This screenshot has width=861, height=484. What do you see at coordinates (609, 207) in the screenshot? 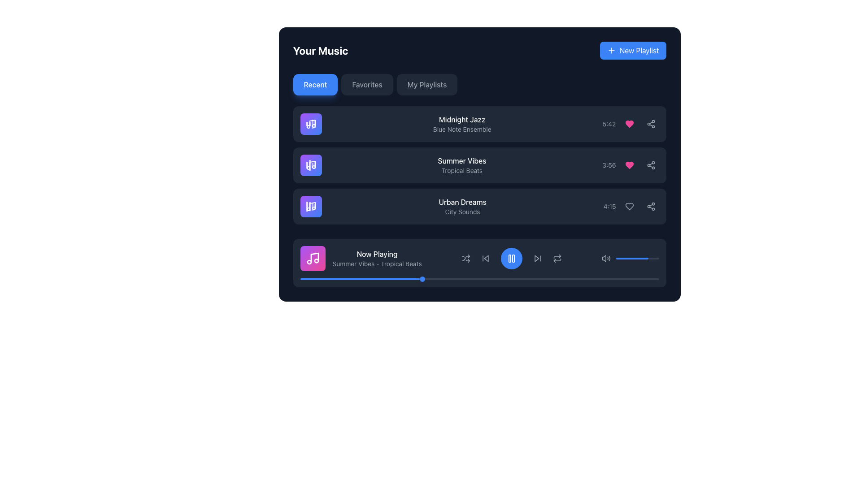
I see `the Text label indicating the duration of the song 'Urban Dreams' located in the third panel of the vertical list, adjacent to the right of the panel contents` at bounding box center [609, 207].